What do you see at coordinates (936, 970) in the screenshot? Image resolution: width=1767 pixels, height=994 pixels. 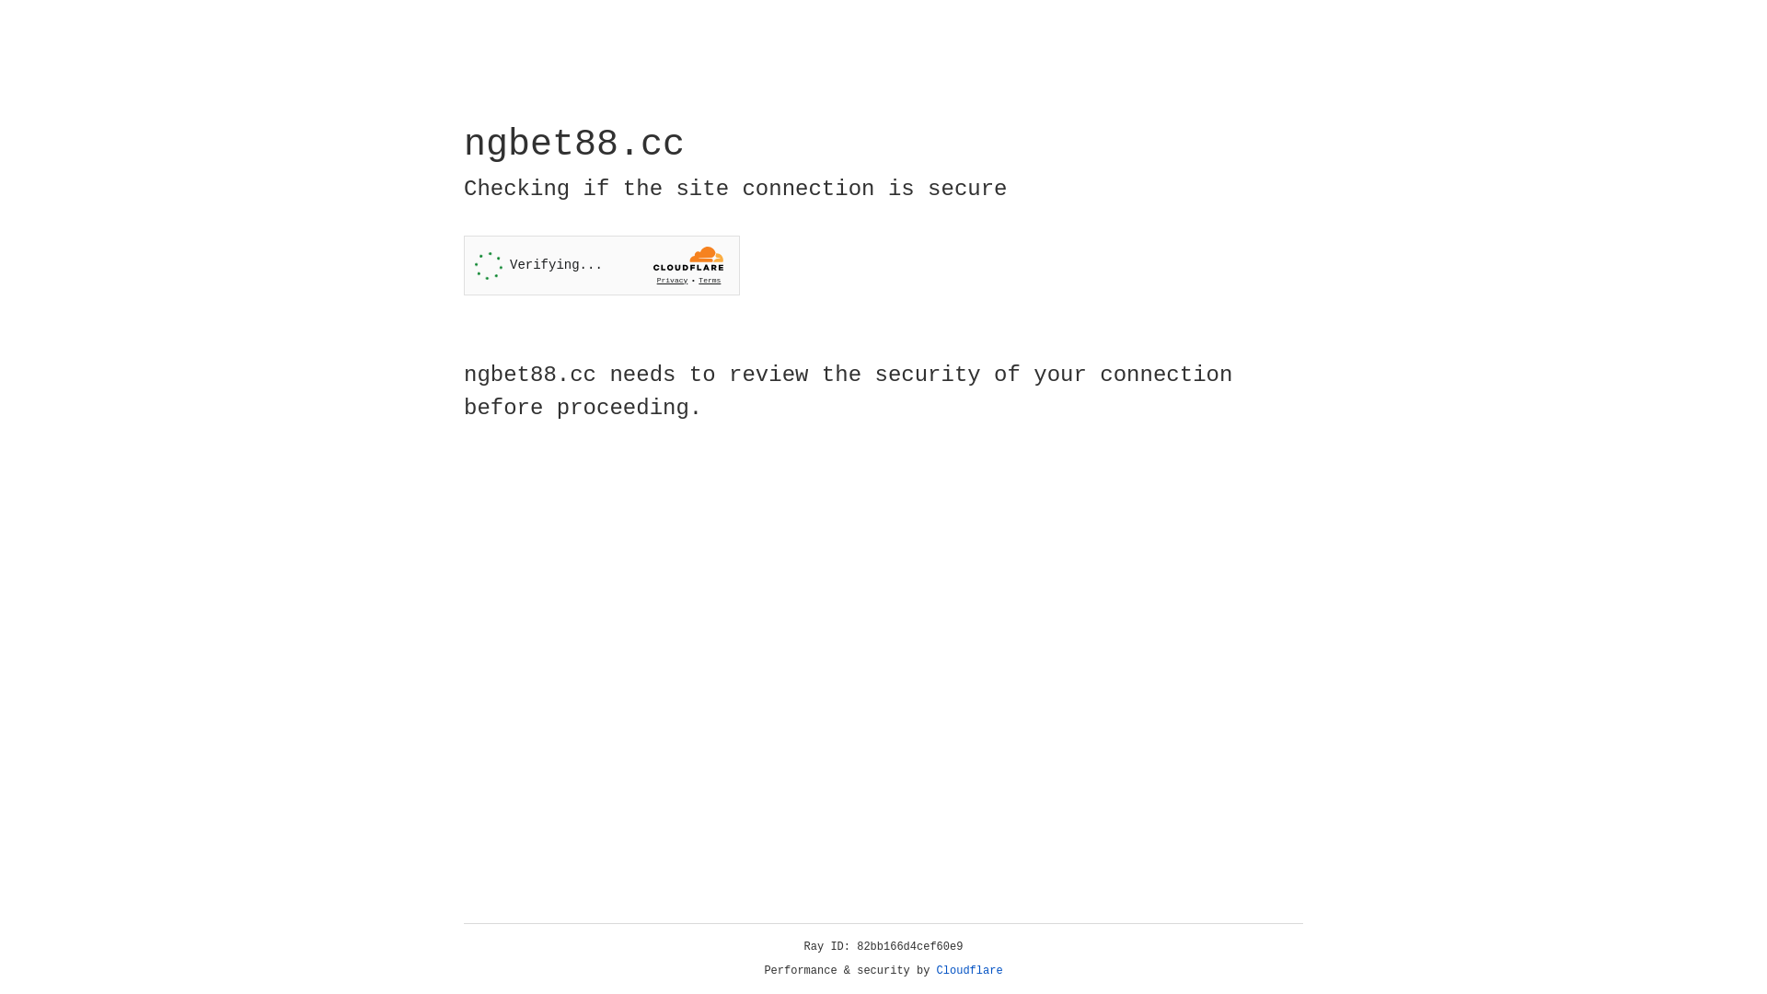 I see `'Cloudflare'` at bounding box center [936, 970].